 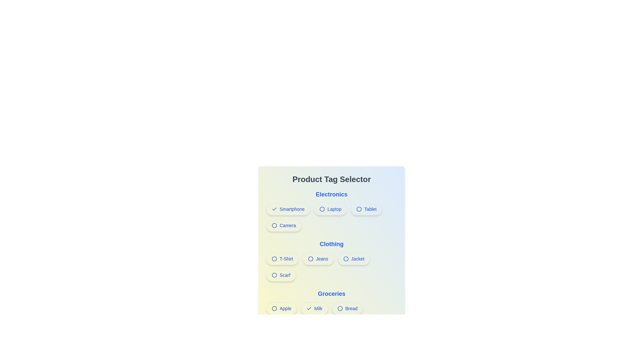 What do you see at coordinates (340, 309) in the screenshot?
I see `the circular outline icon representing 'Bread' for any visual state changes` at bounding box center [340, 309].